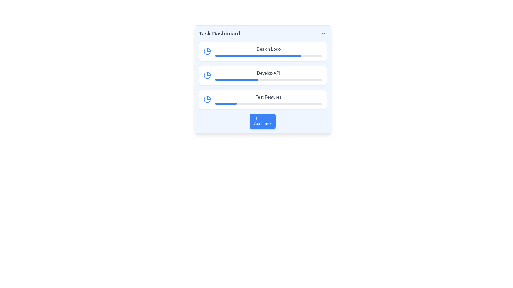 This screenshot has height=288, width=513. I want to click on the upward-pointing chevron icon located, so click(323, 34).